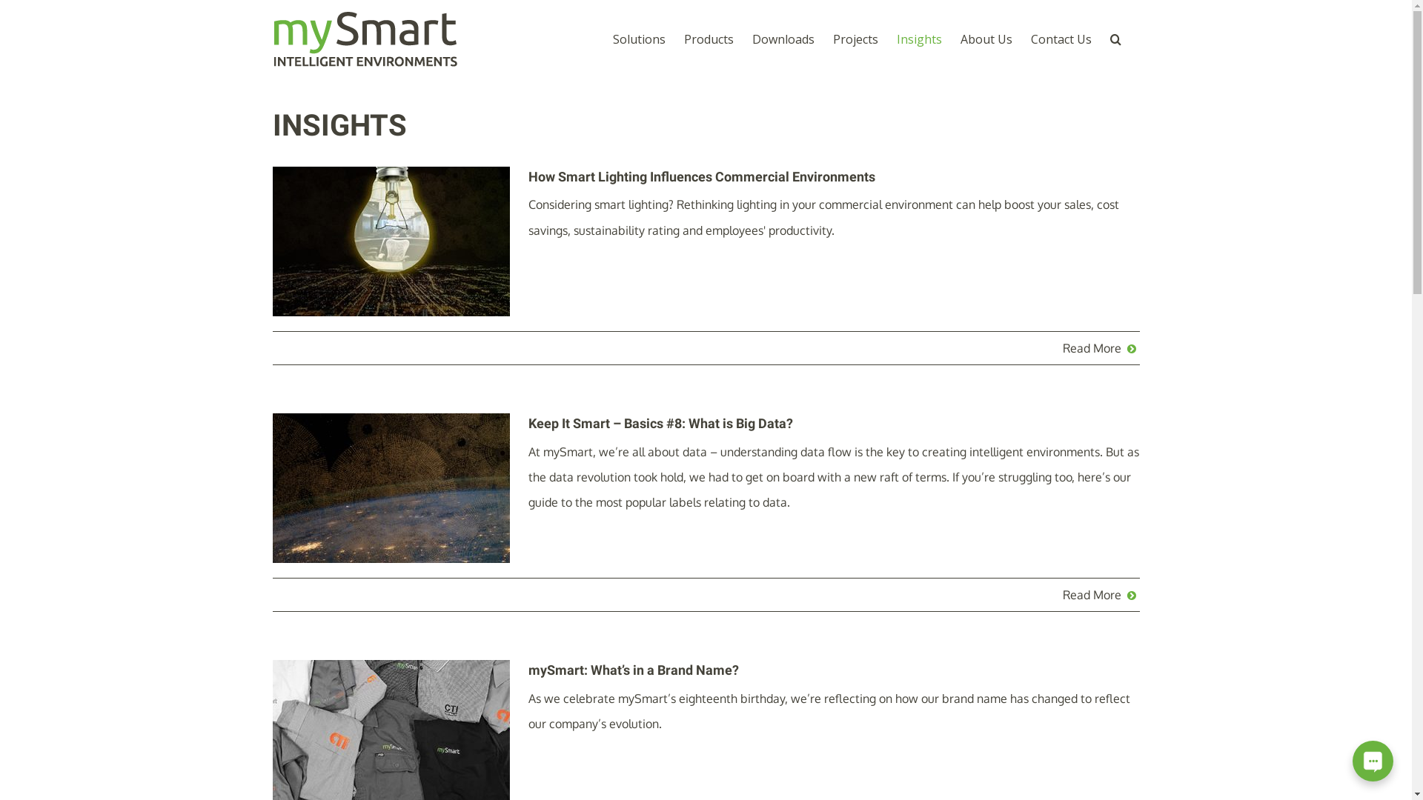 The width and height of the screenshot is (1423, 800). Describe the element at coordinates (751, 38) in the screenshot. I see `'Downloads'` at that location.